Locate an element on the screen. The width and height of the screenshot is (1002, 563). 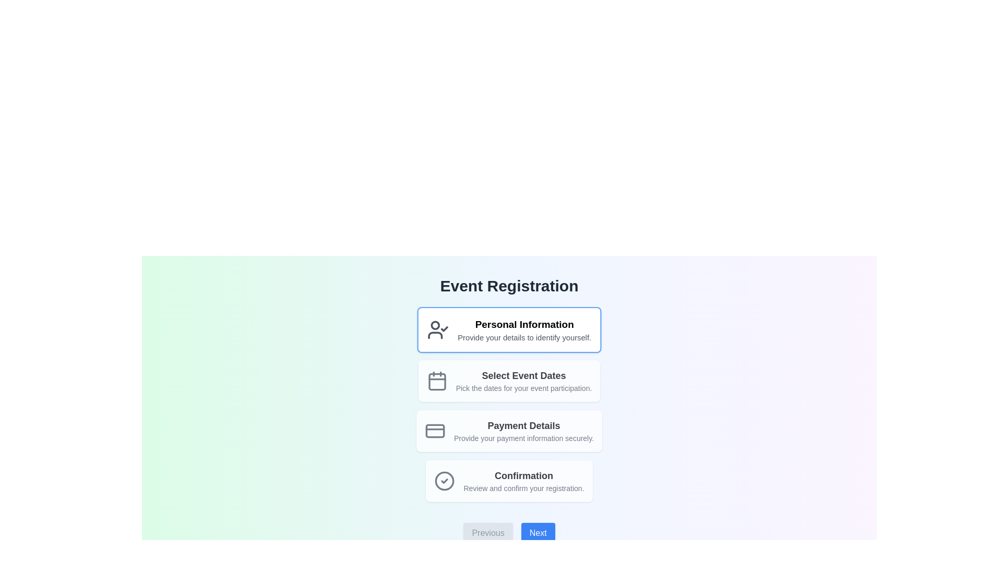
the informational text block titled 'Payment Details', which contains the instruction 'Provide your payment information securely.' This block is positioned between 'Select Event Dates' and 'Confirmation' sections in the interface is located at coordinates (523, 431).